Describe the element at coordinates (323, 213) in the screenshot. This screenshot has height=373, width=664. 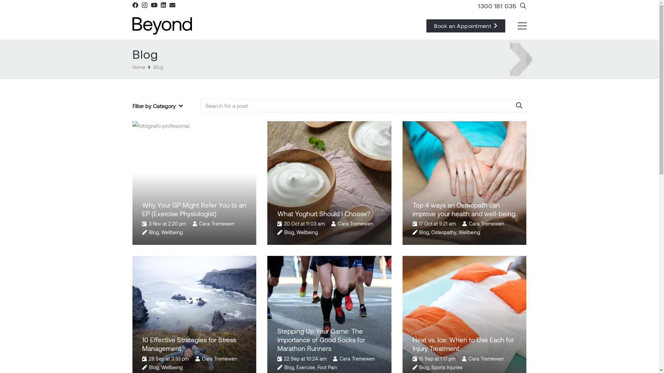
I see `'What Yoghurt Should I Choose?'` at that location.